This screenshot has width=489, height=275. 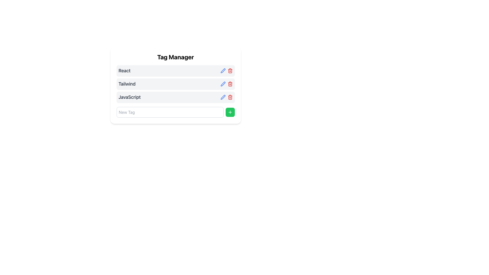 I want to click on the 'Tailwind' tag in the Tag Manager interface, so click(x=175, y=84).